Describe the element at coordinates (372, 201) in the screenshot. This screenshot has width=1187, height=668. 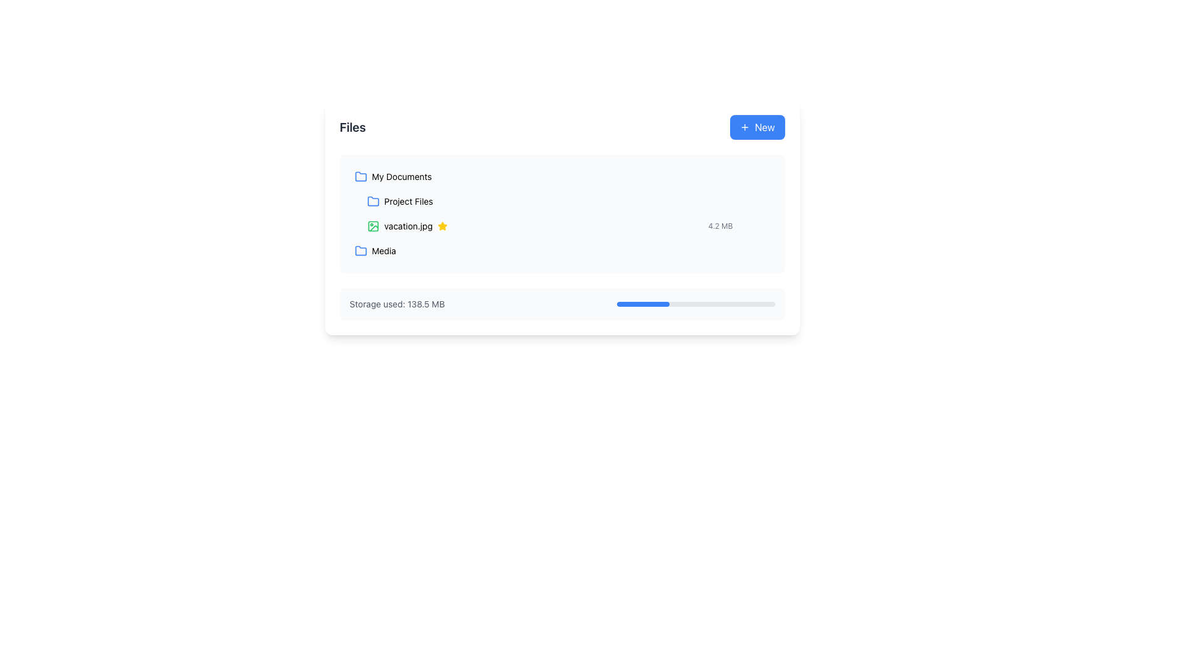
I see `the blue folder icon located to the left of the 'Project Files' text label` at that location.